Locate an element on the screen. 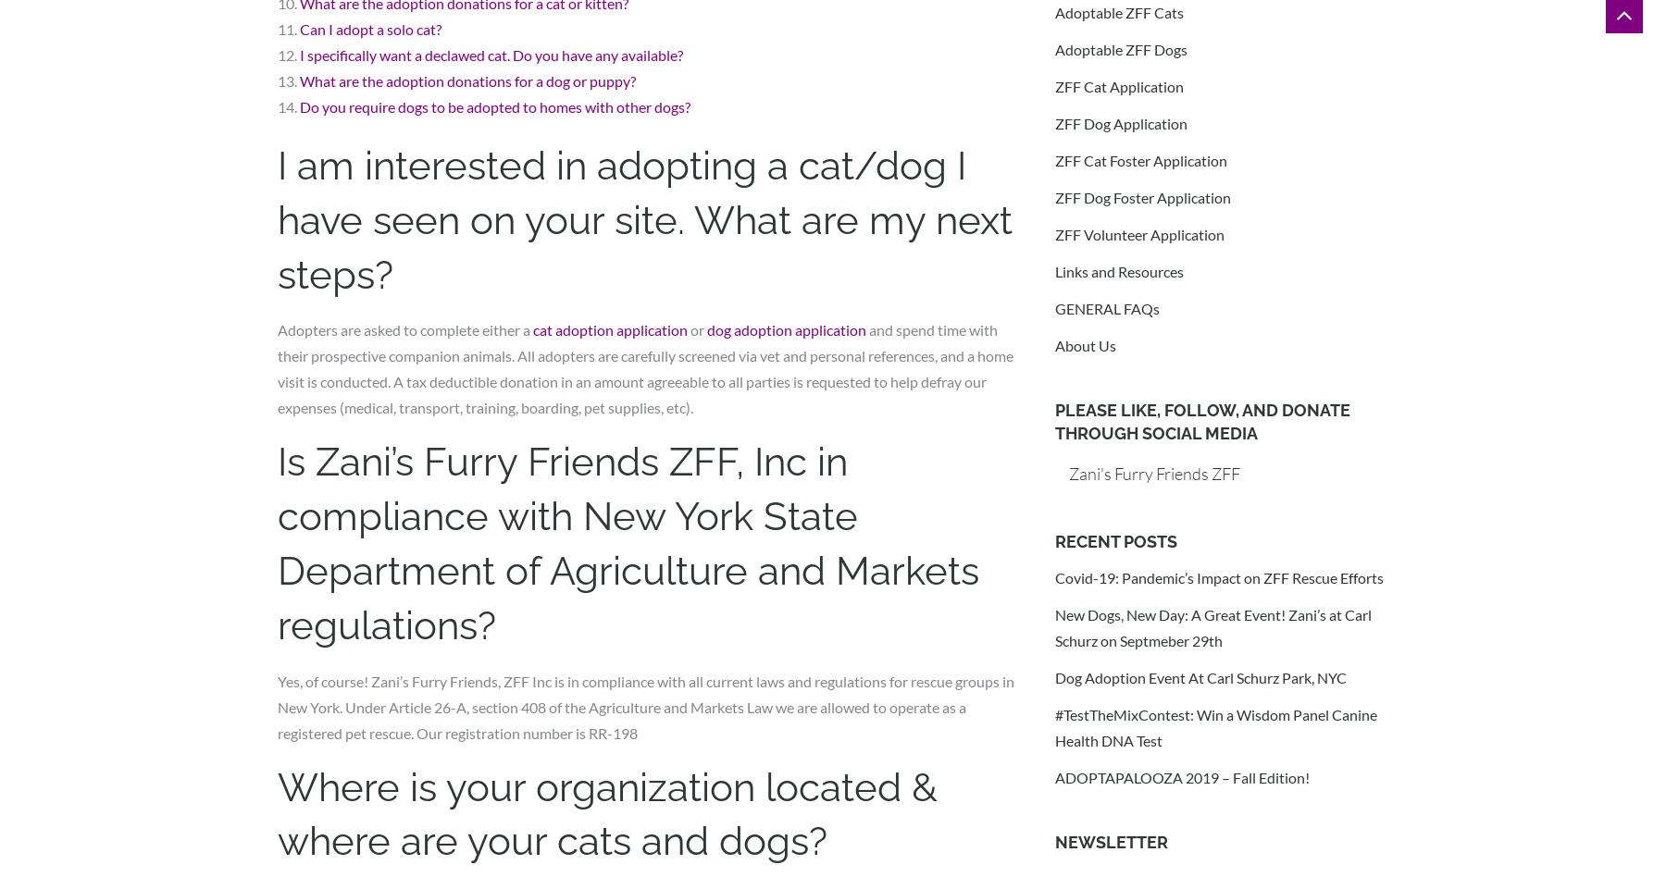 The image size is (1666, 877). 'Zani's Furry Friends ZFF' is located at coordinates (1154, 472).